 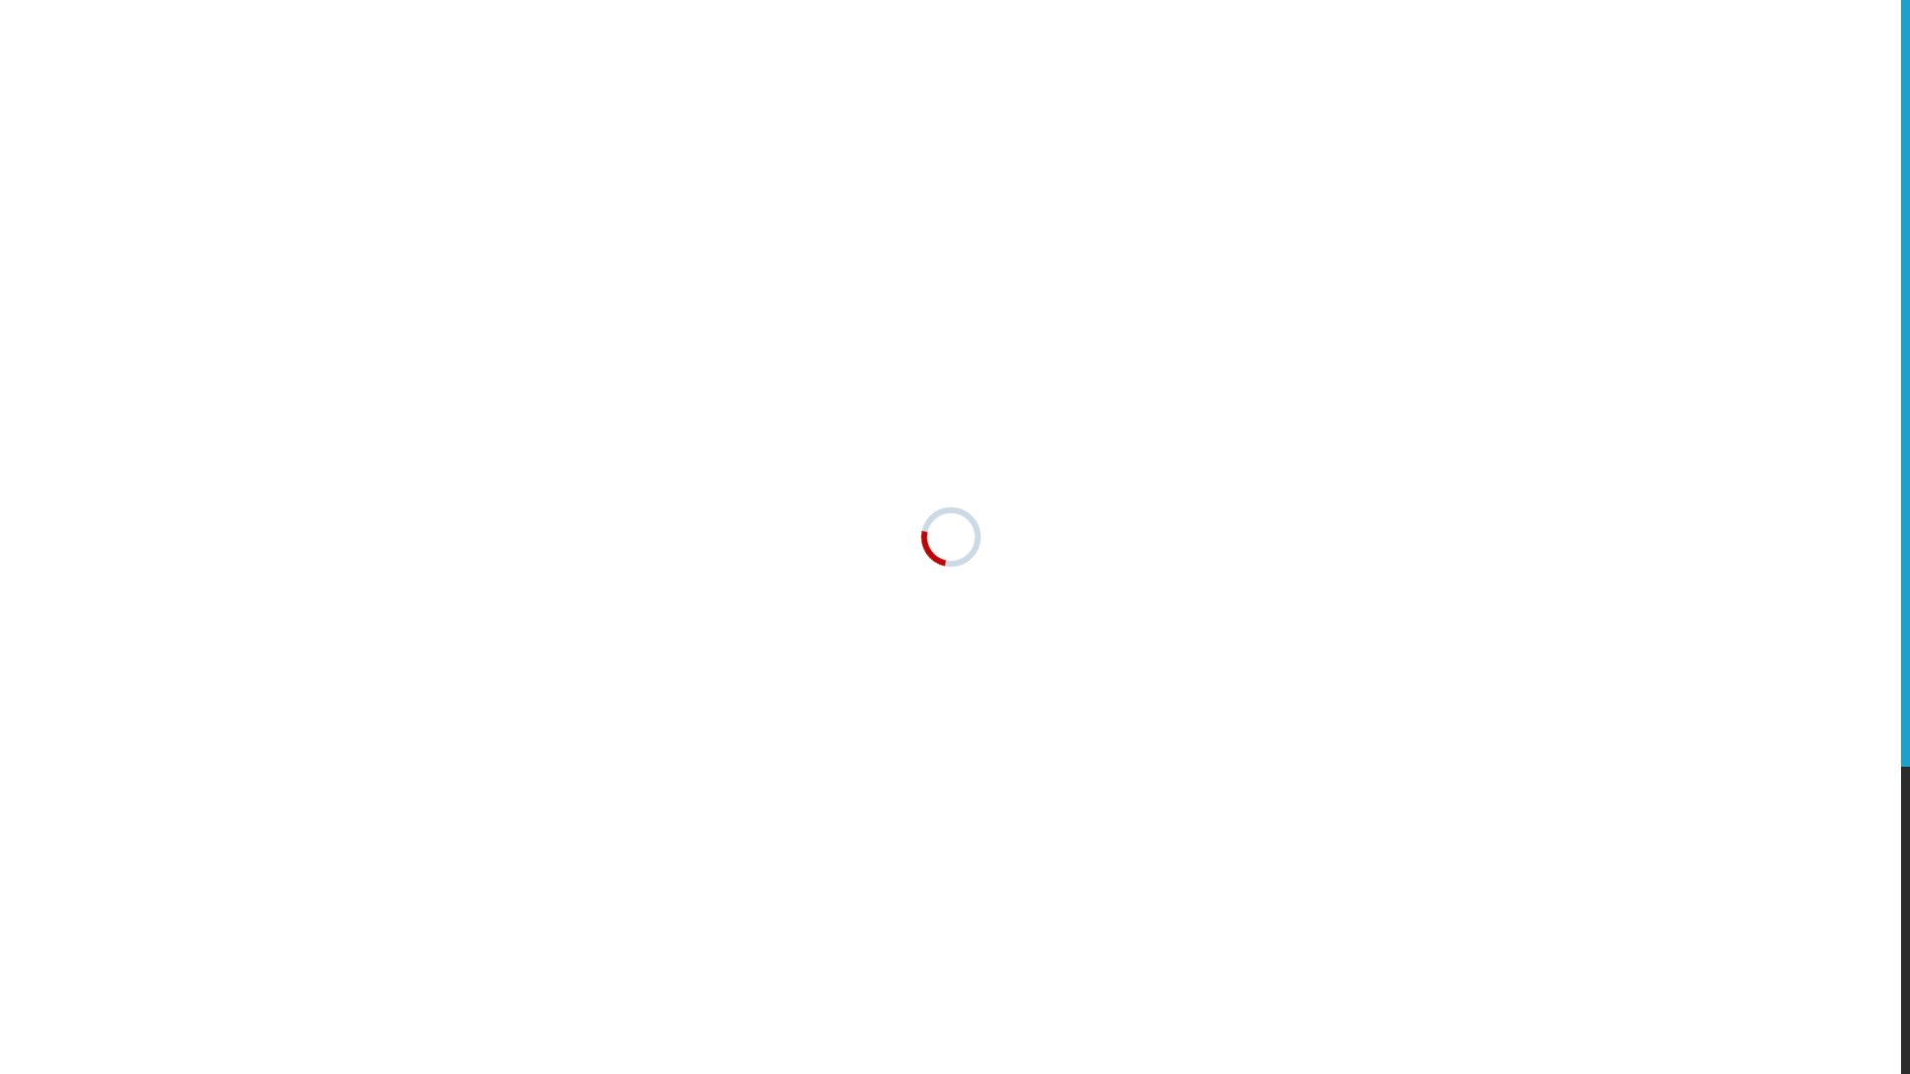 I want to click on '+375 17 544-11-11', so click(x=1443, y=73).